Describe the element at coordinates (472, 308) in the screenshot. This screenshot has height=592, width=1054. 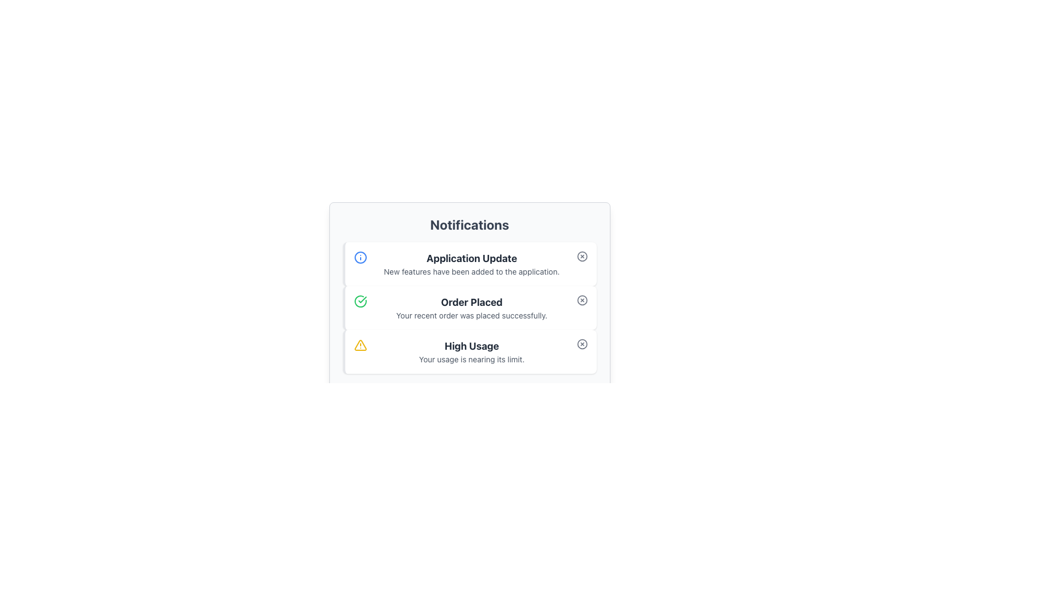
I see `the text block that indicates 'Order Placed' with a message stating 'Your recent order was placed successfully', located in the middle notification card` at that location.